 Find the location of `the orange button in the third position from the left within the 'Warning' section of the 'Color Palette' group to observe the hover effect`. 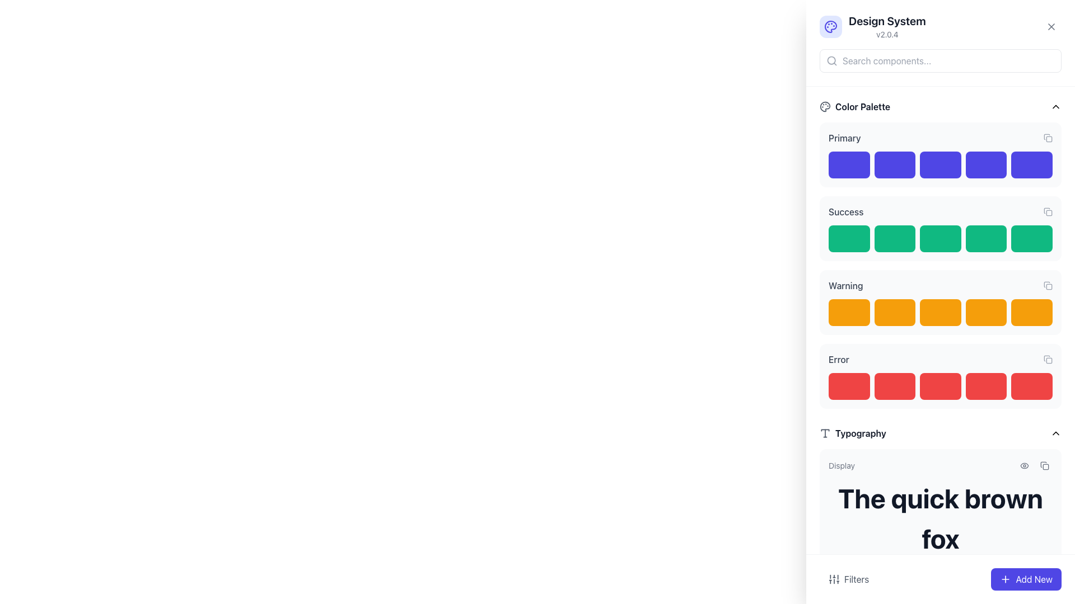

the orange button in the third position from the left within the 'Warning' section of the 'Color Palette' group to observe the hover effect is located at coordinates (941, 302).